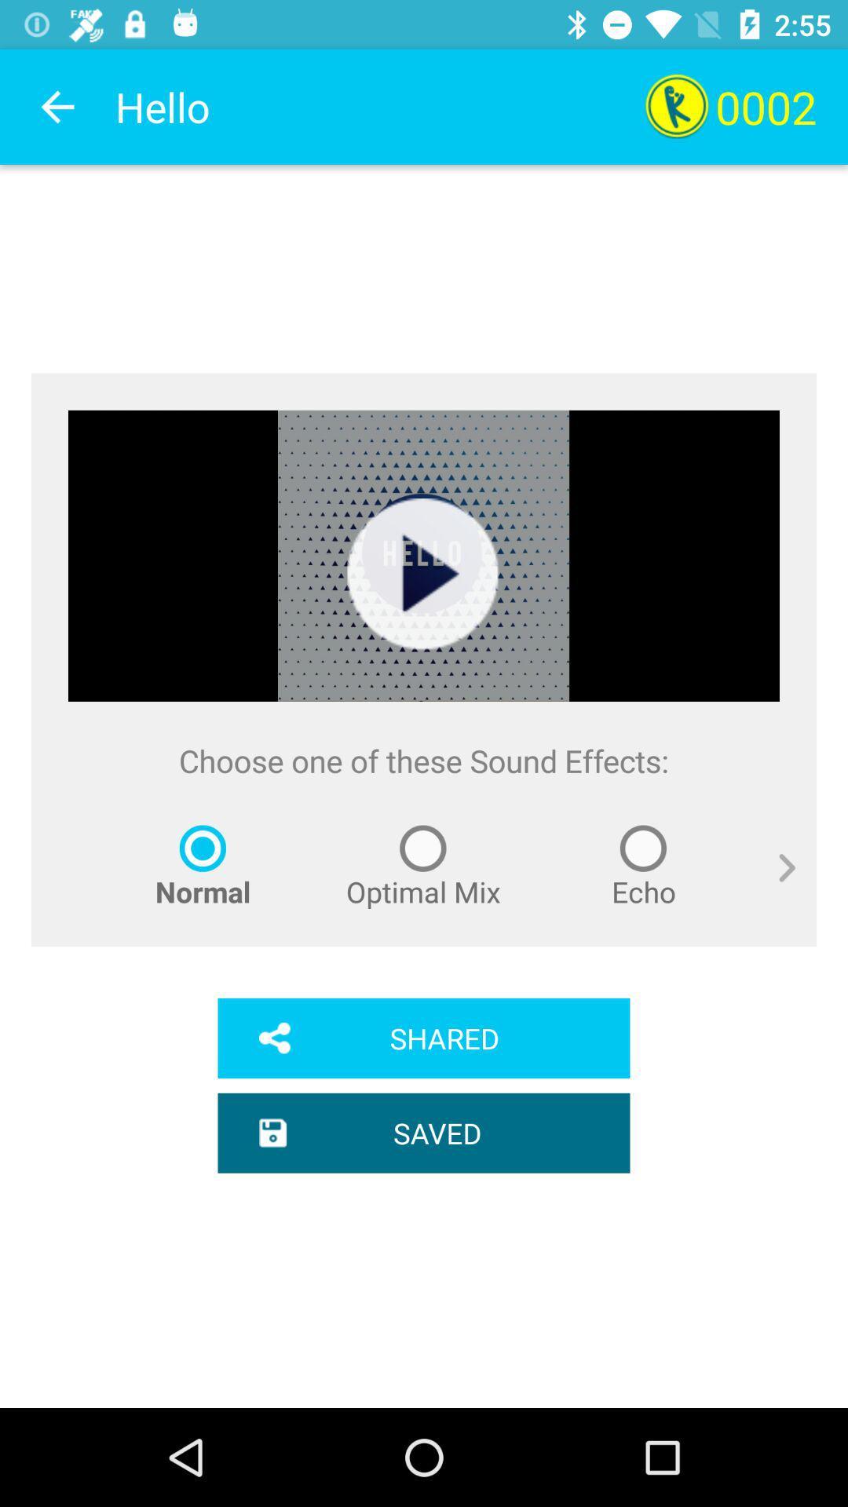 This screenshot has width=848, height=1507. What do you see at coordinates (422, 574) in the screenshot?
I see `the play icon` at bounding box center [422, 574].